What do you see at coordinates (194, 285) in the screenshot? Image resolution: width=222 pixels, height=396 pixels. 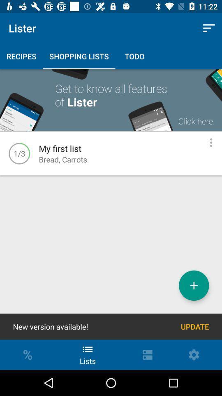 I see `new list` at bounding box center [194, 285].